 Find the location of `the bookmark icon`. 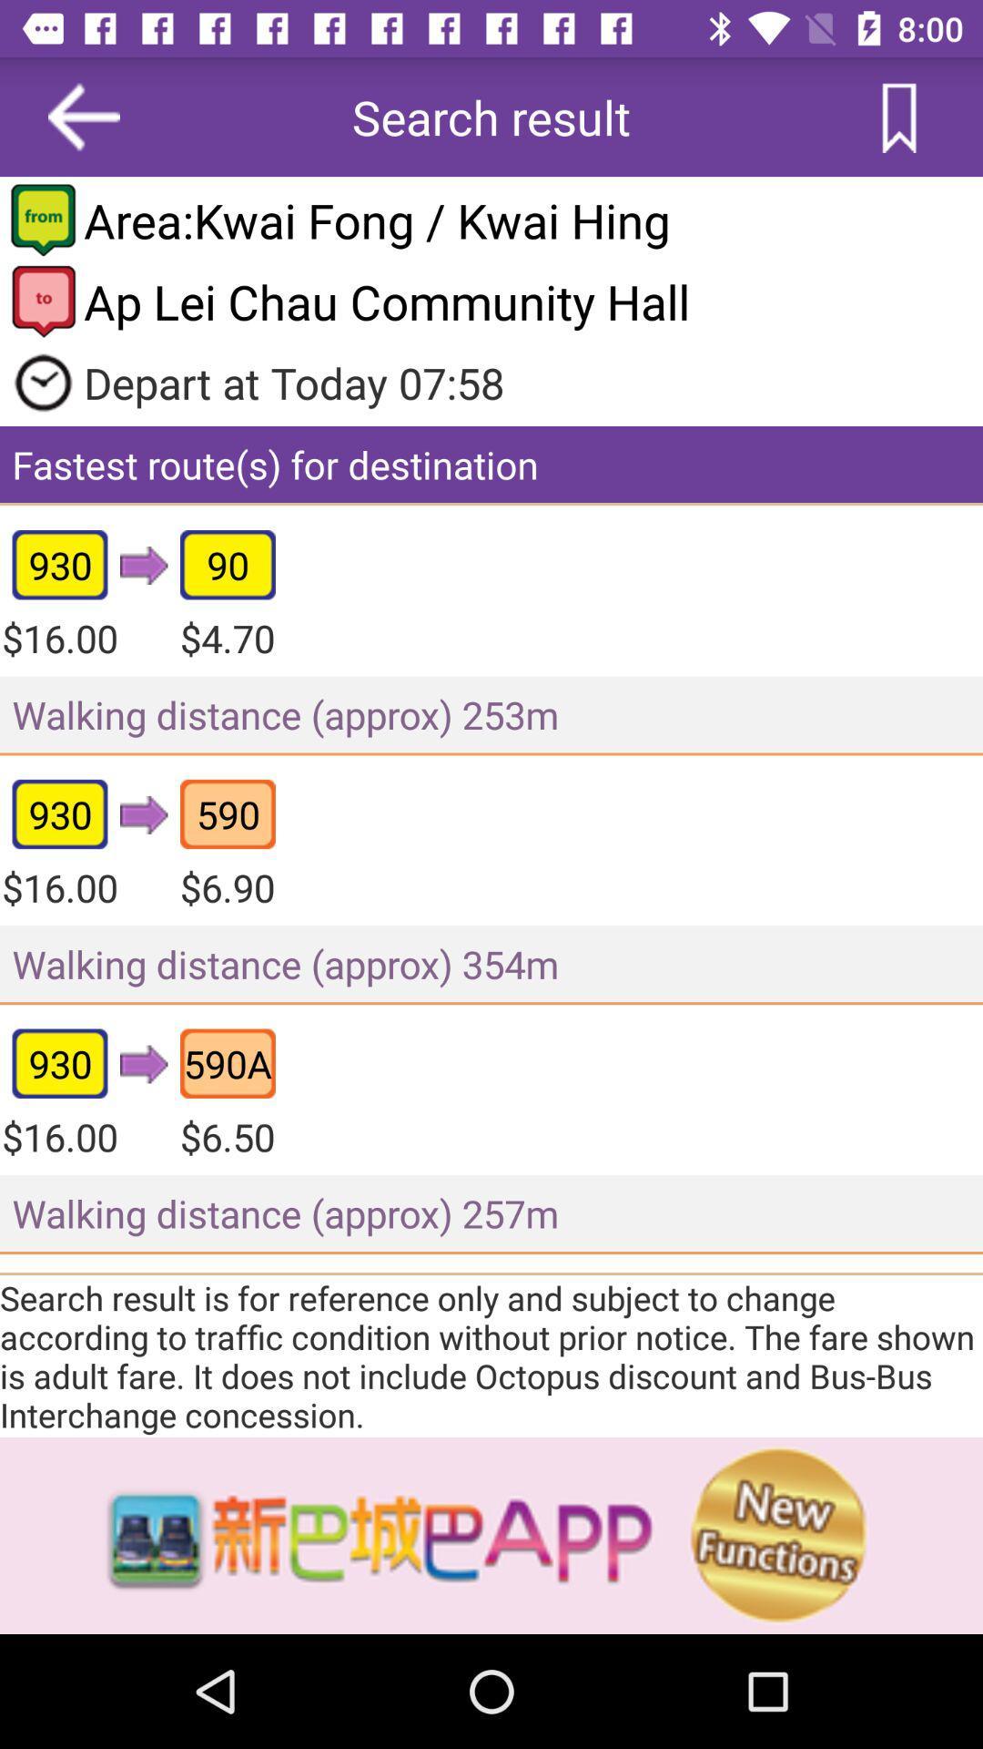

the bookmark icon is located at coordinates (897, 116).